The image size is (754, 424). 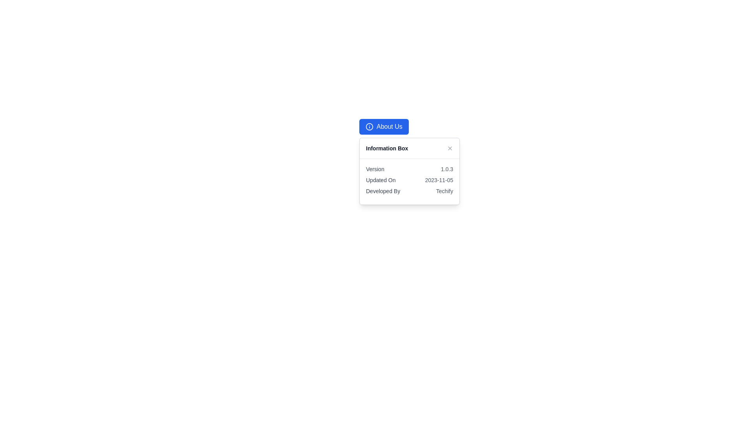 I want to click on text from the 'Version' label, which is styled in gray and positioned to the left of the value '1.0.3' within the 'Information Box.', so click(x=375, y=169).